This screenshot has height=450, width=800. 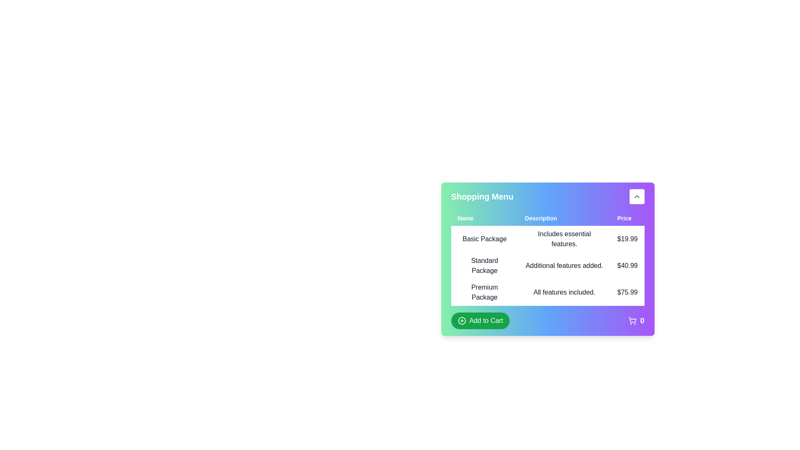 I want to click on the lower part of the shopping cart icon, specifically the frame and basket outline, so click(x=632, y=319).